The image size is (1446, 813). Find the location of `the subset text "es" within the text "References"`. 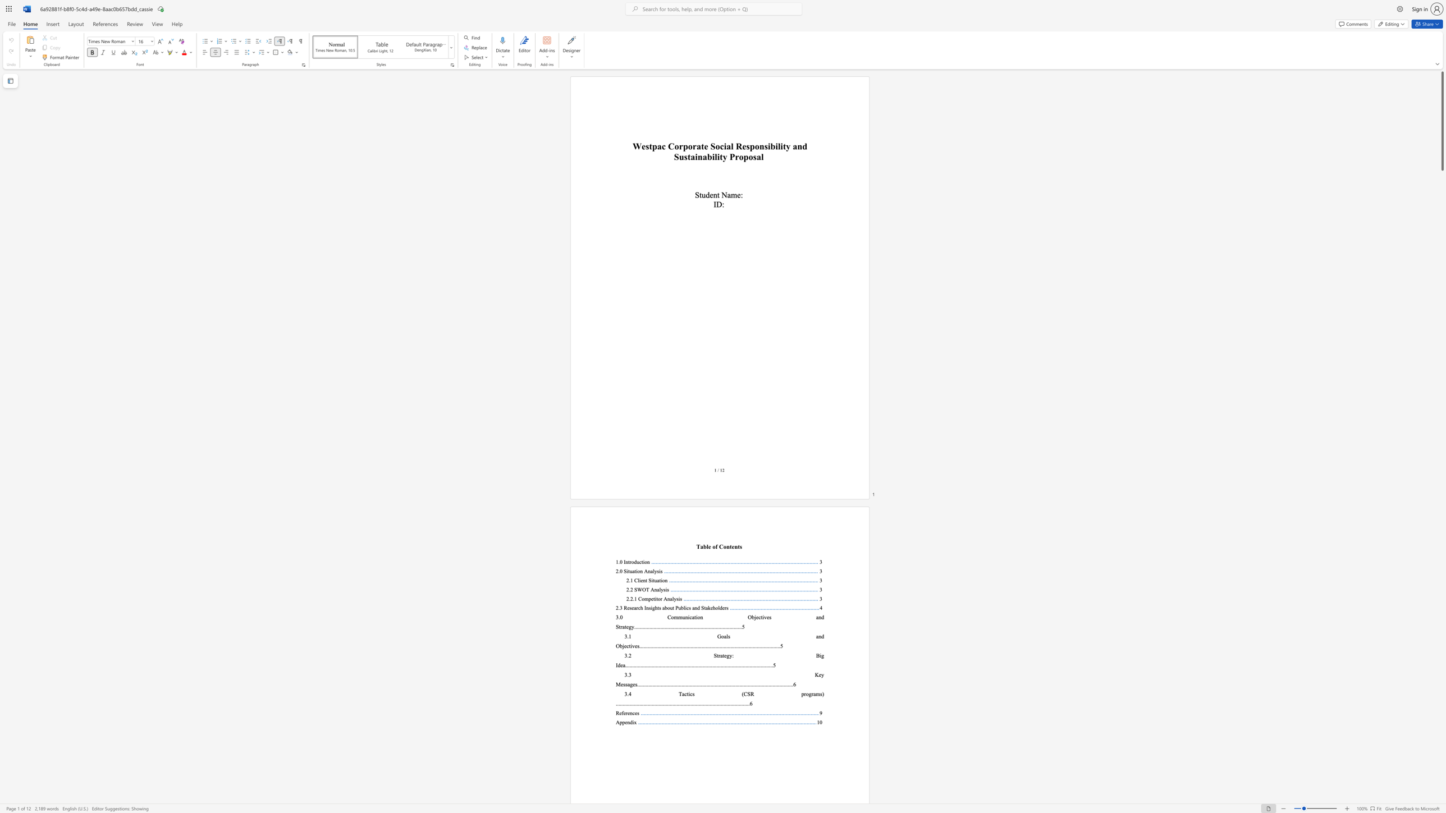

the subset text "es" within the text "References" is located at coordinates (634, 712).